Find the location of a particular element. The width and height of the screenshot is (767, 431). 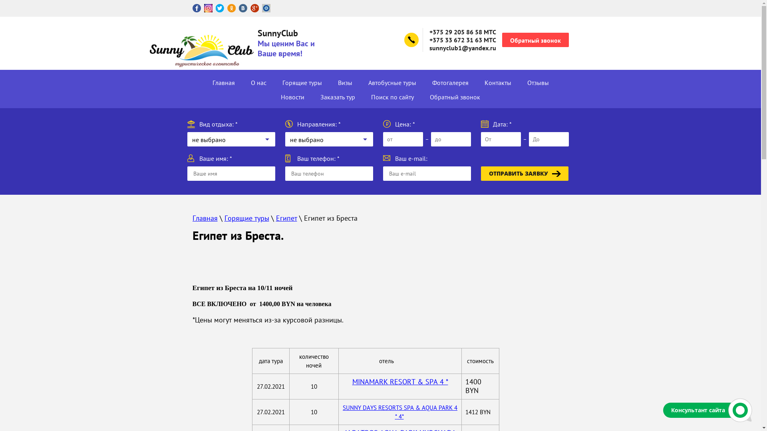

'sunnyclub1@yandex.ru' is located at coordinates (462, 47).